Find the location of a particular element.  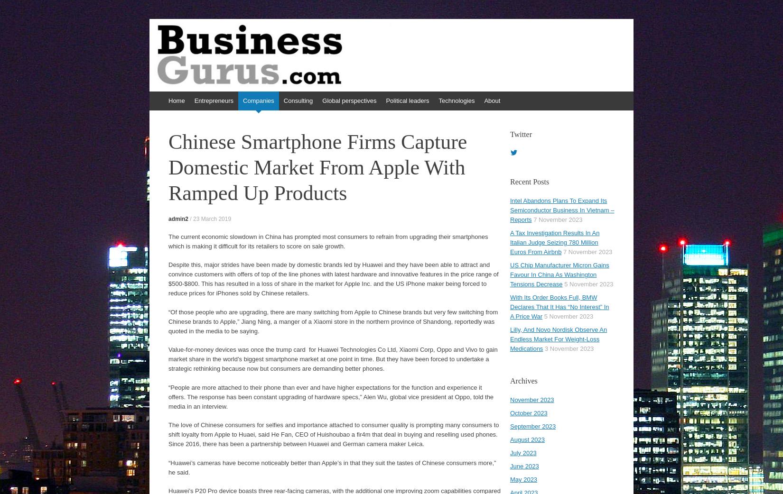

'Recent Posts' is located at coordinates (530, 181).